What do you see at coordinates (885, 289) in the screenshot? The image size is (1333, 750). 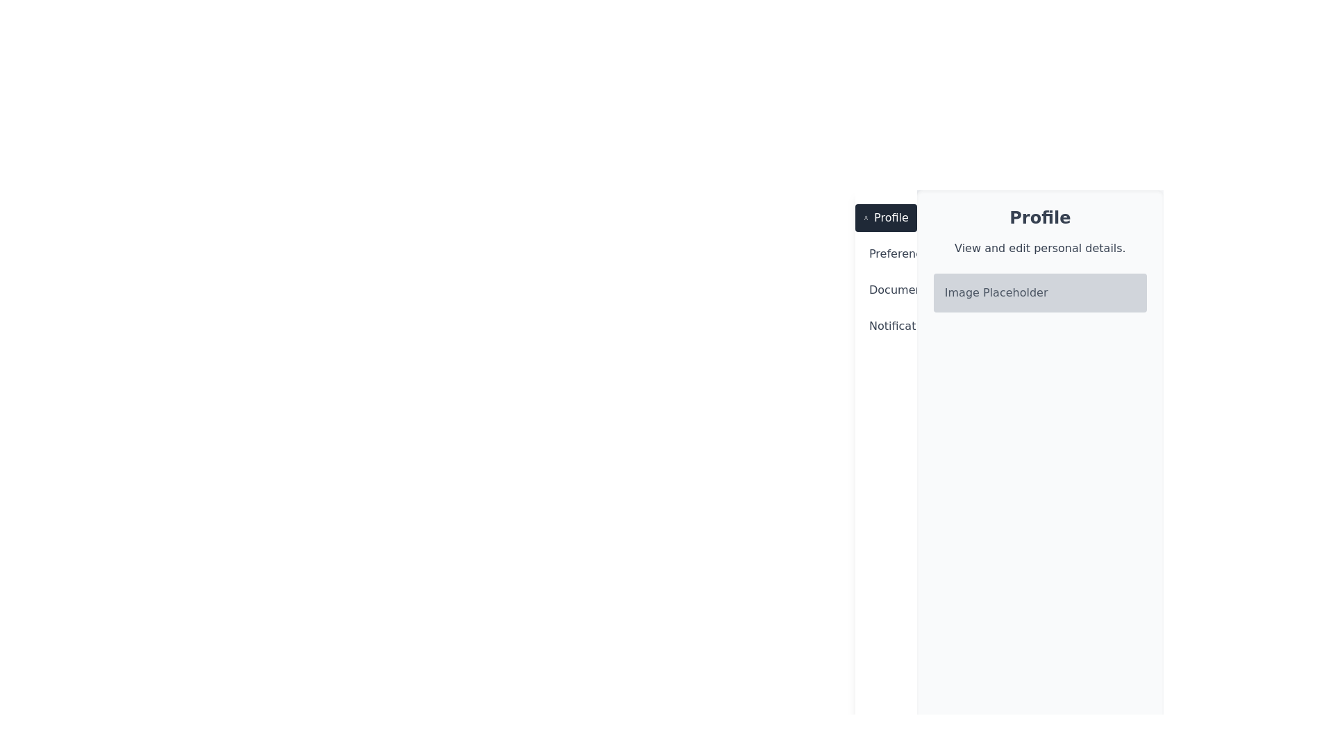 I see `the sidebar tab labeled Documents` at bounding box center [885, 289].